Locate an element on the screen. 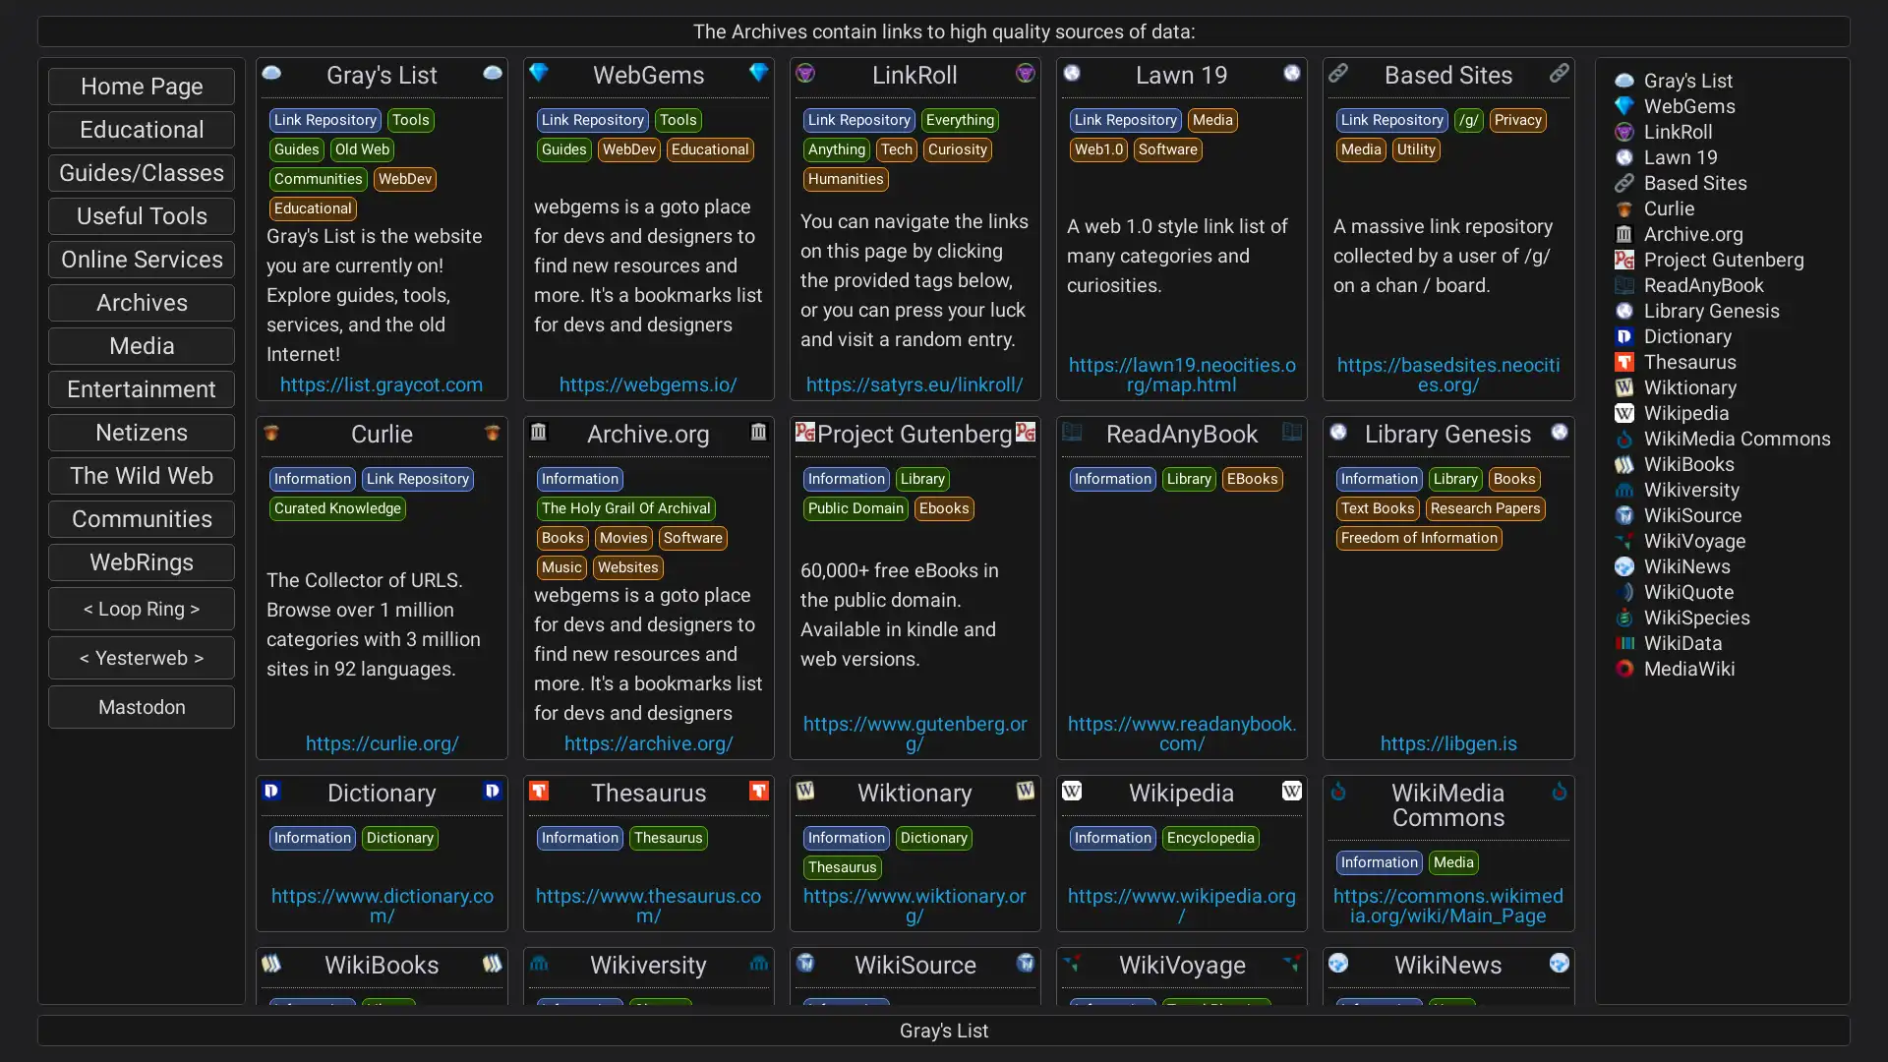  Entertainment is located at coordinates (141, 389).